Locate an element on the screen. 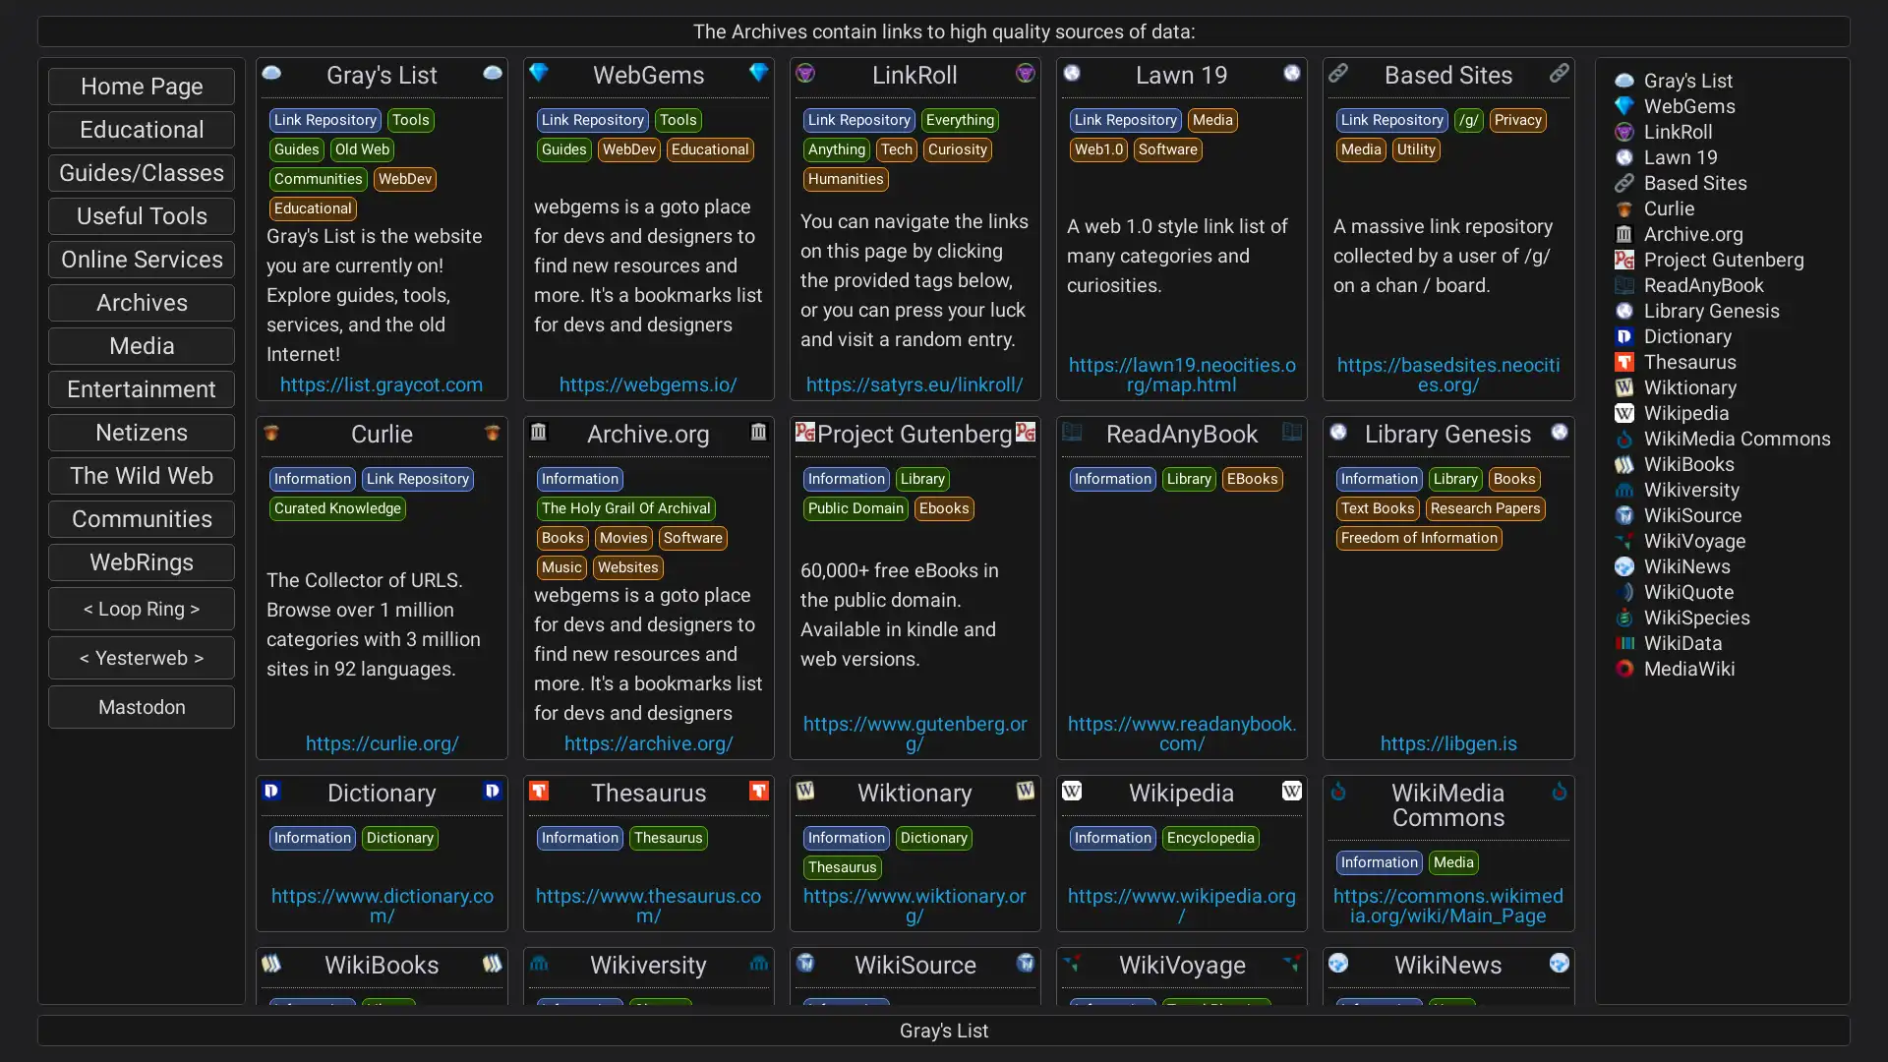  Entertainment is located at coordinates (141, 389).